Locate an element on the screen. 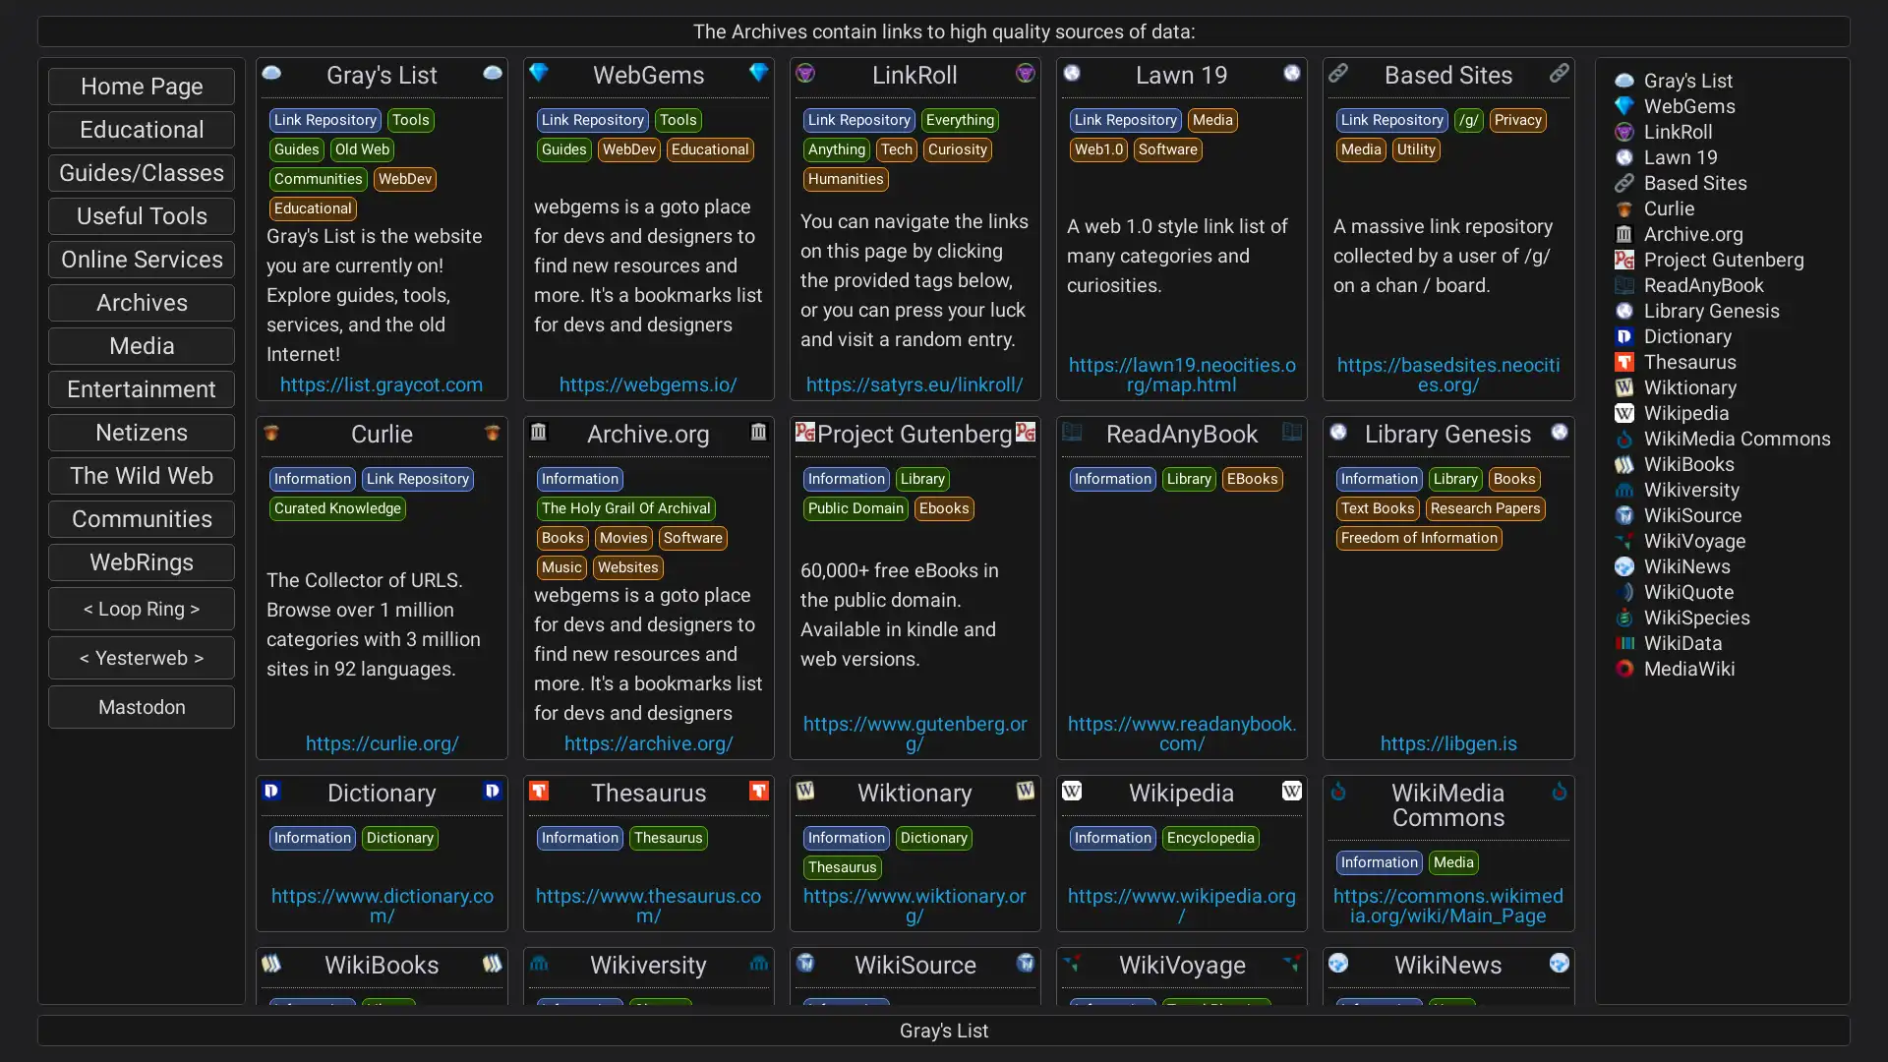  Entertainment is located at coordinates (141, 389).